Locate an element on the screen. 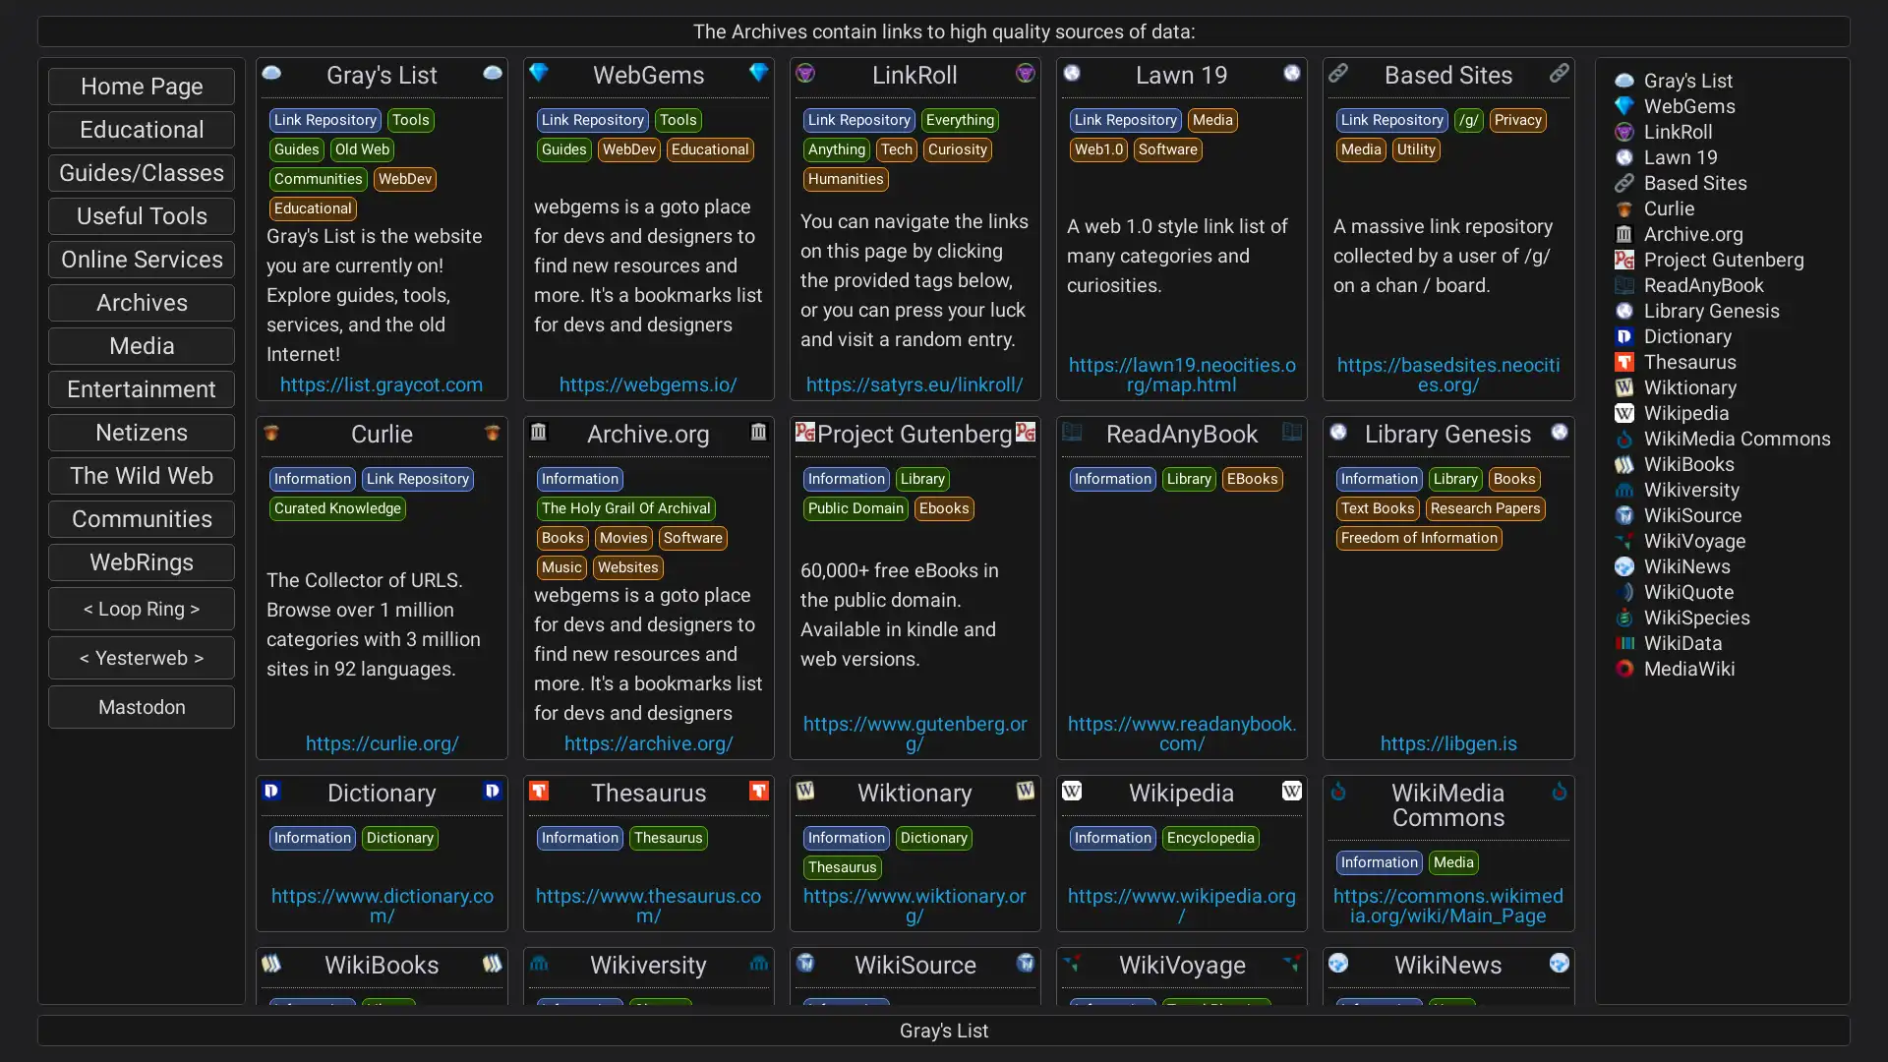  Entertainment is located at coordinates (141, 389).